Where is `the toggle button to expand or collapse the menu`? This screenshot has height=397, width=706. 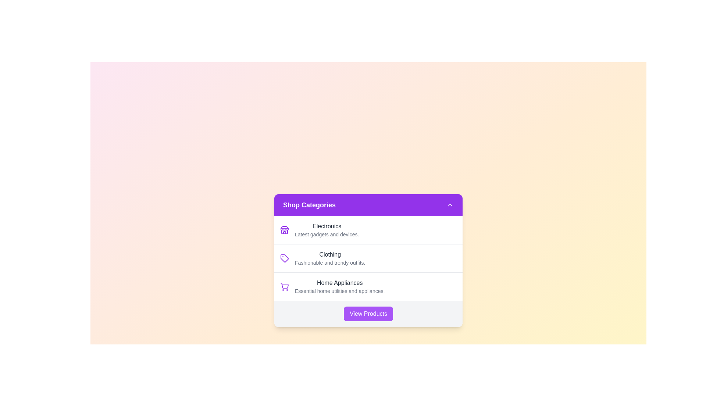
the toggle button to expand or collapse the menu is located at coordinates (450, 205).